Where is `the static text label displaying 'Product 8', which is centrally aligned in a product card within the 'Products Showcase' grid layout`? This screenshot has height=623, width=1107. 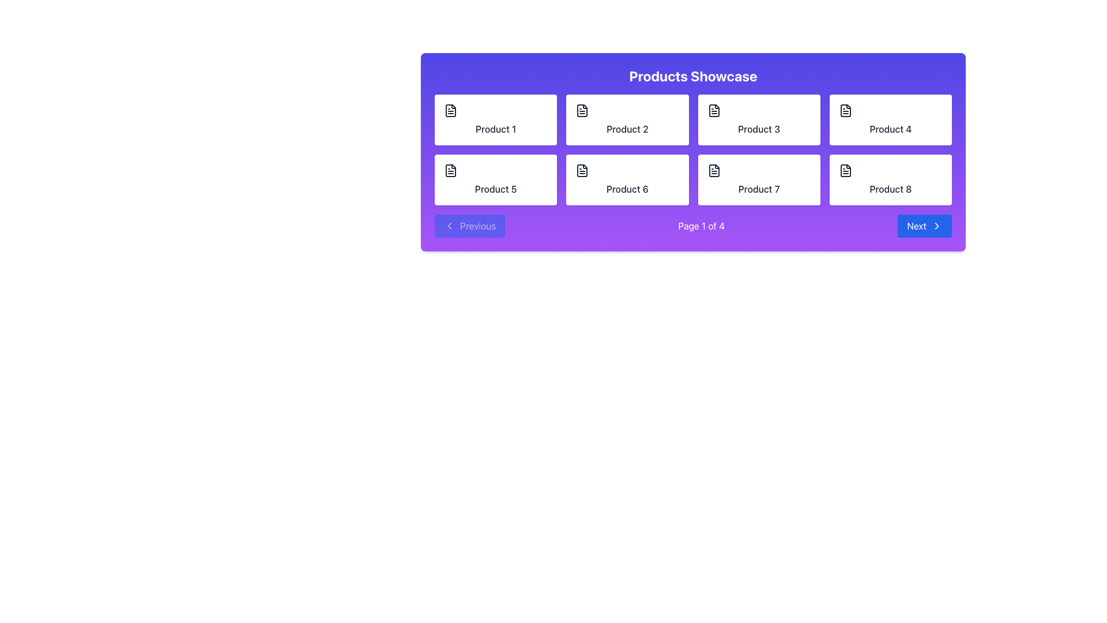
the static text label displaying 'Product 8', which is centrally aligned in a product card within the 'Products Showcase' grid layout is located at coordinates (890, 188).